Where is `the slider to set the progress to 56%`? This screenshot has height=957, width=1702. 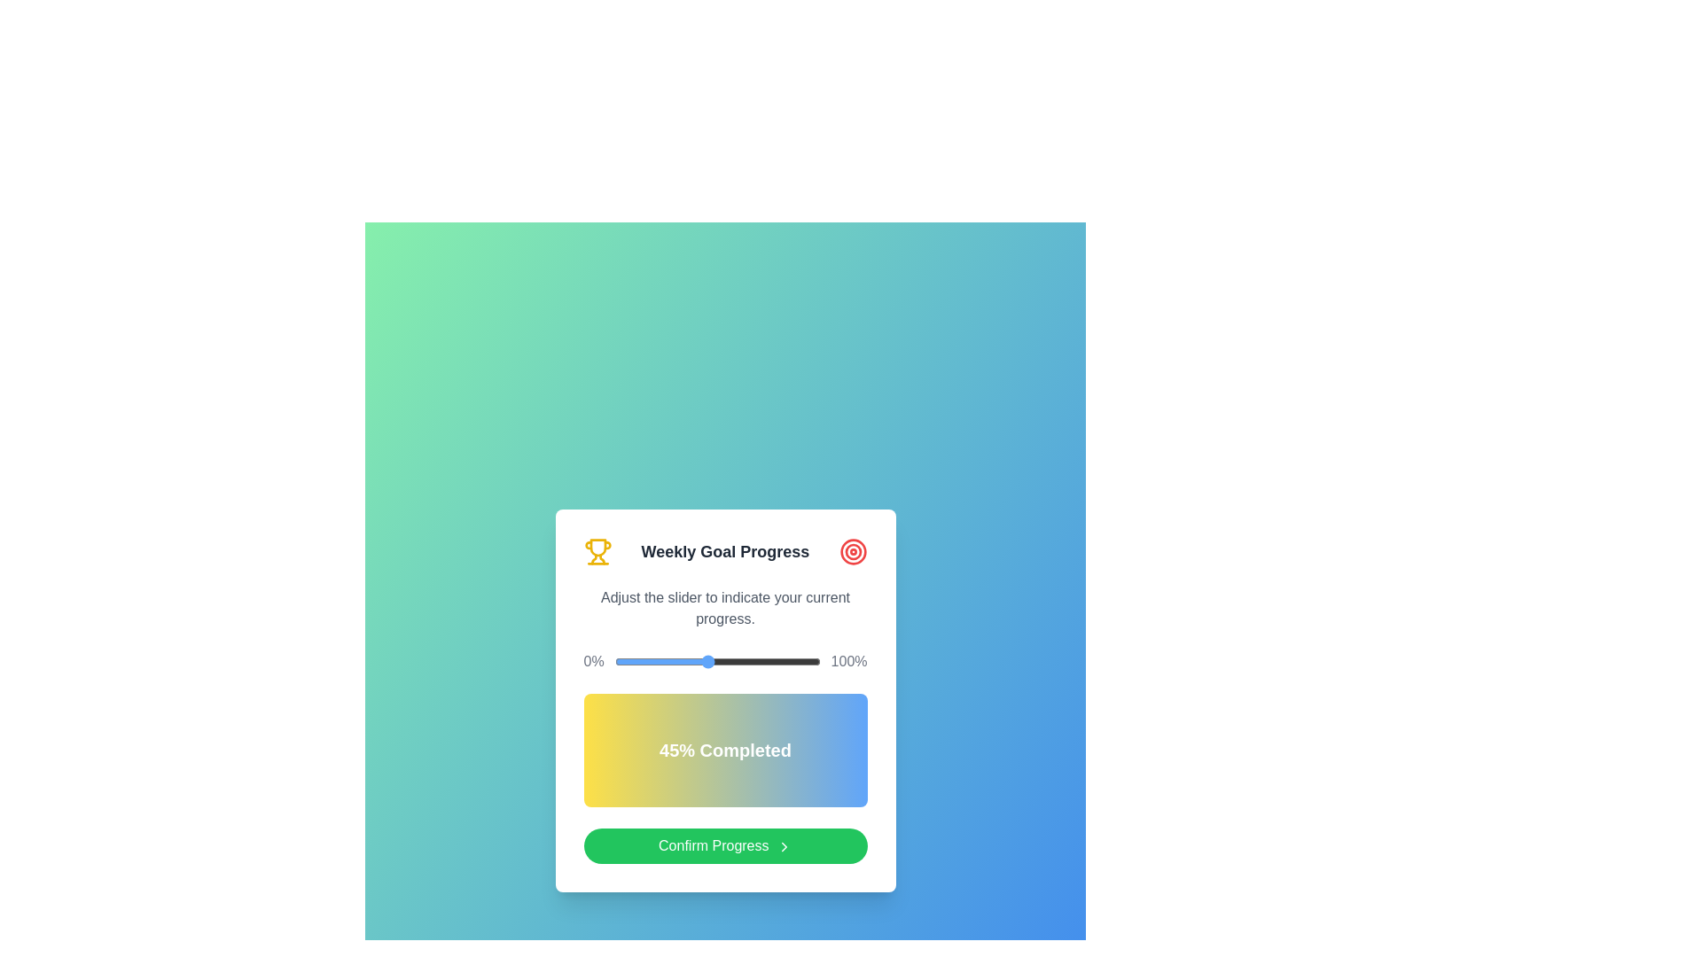 the slider to set the progress to 56% is located at coordinates (730, 662).